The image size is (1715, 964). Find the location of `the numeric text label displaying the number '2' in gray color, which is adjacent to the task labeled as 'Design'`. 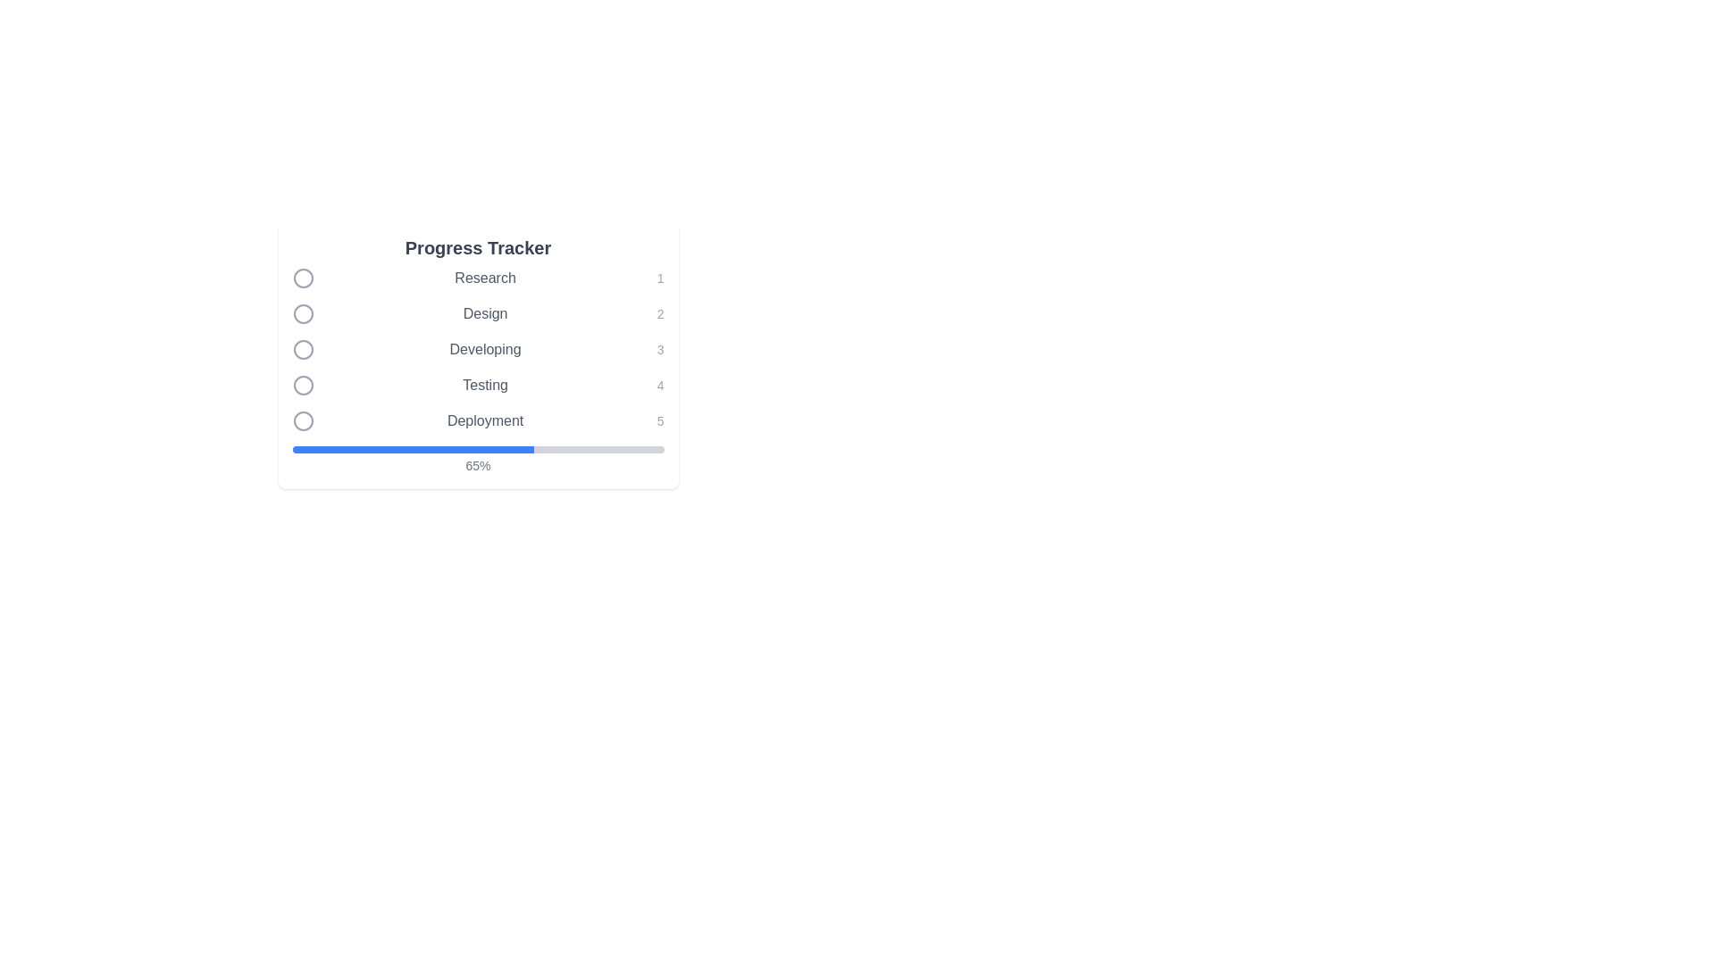

the numeric text label displaying the number '2' in gray color, which is adjacent to the task labeled as 'Design' is located at coordinates (659, 312).